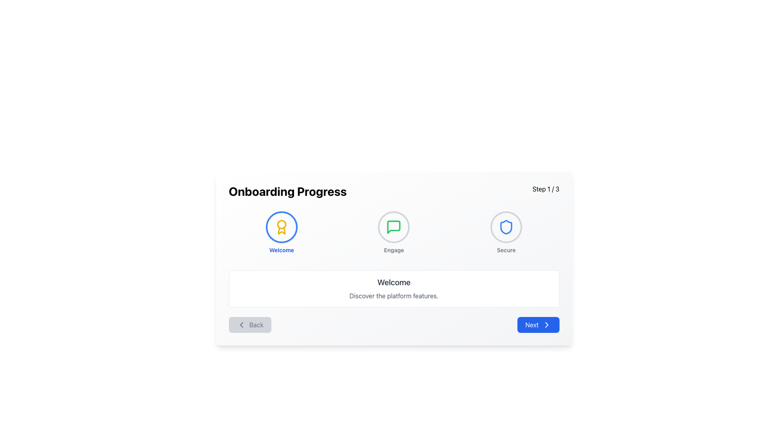  Describe the element at coordinates (394, 232) in the screenshot. I see `the composite UI component containing a green outlined chat bubble icon and the label 'Engage', which is positioned between the 'Welcome' and 'Secure' components` at that location.